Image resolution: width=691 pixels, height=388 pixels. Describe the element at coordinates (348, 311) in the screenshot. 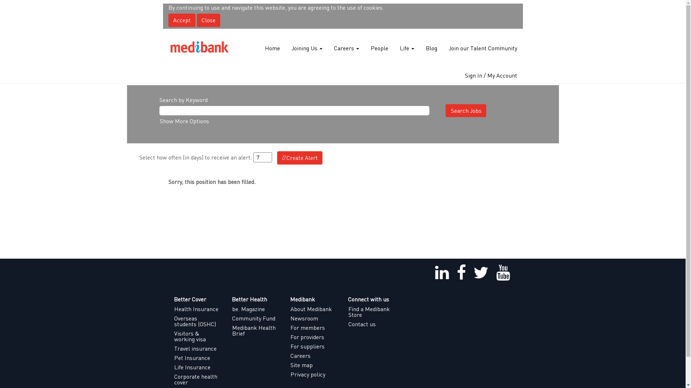

I see `'Find a Medibank Store'` at that location.